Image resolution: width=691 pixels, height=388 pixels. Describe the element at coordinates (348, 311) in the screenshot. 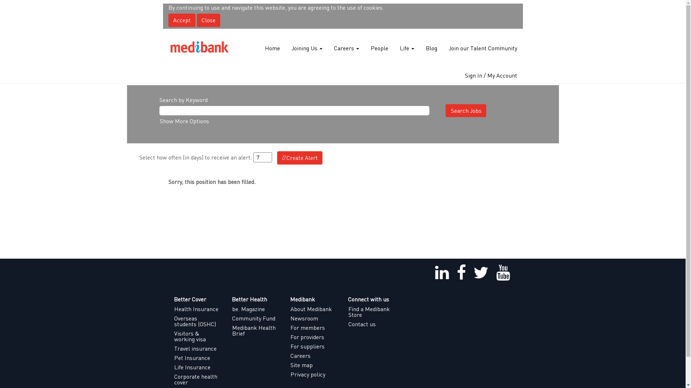

I see `'Find a Medibank Store'` at that location.